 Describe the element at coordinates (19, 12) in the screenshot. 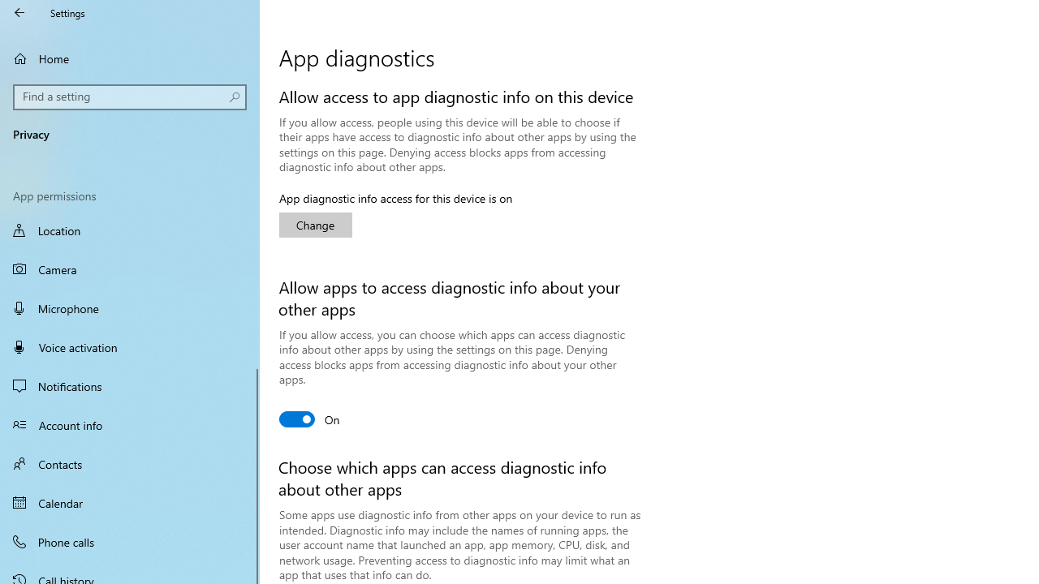

I see `'Back'` at that location.